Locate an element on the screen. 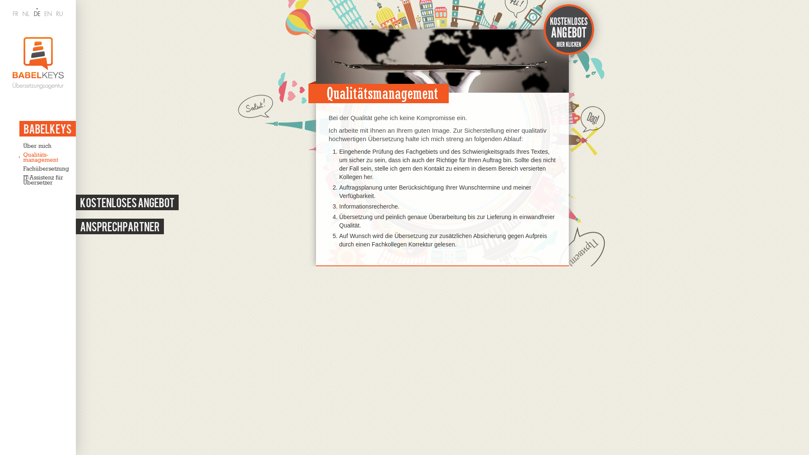 This screenshot has height=455, width=809. 'Kostenloses Angebot' is located at coordinates (127, 202).